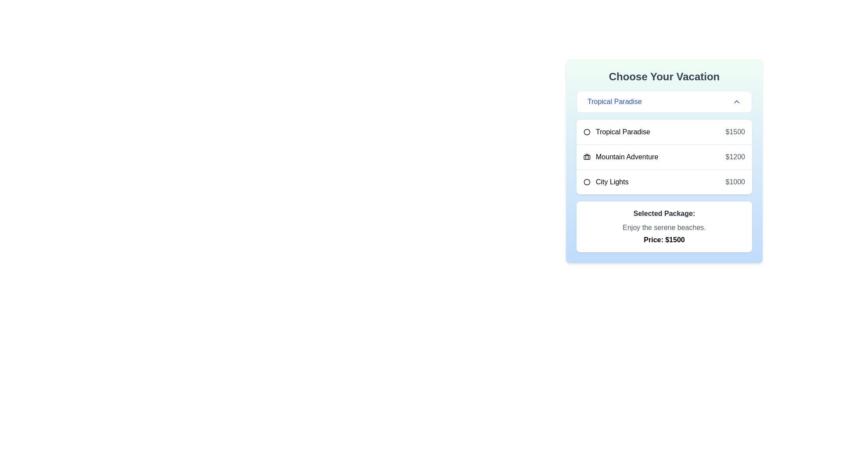 The image size is (843, 474). Describe the element at coordinates (664, 181) in the screenshot. I see `the radio button of the 'City Lights' vacation package, which is the third item in the selectable list of vacation packages` at that location.